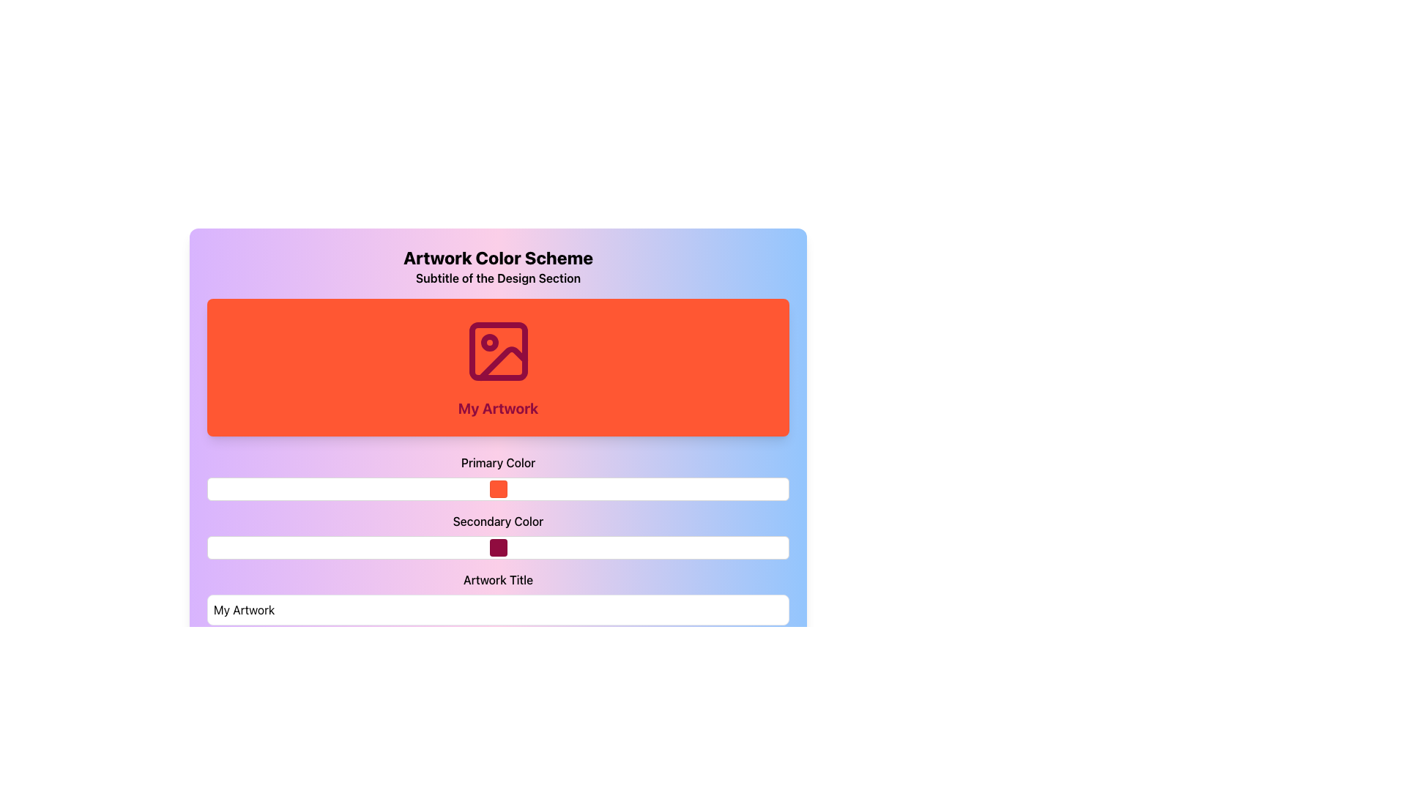 The height and width of the screenshot is (791, 1406). What do you see at coordinates (498, 266) in the screenshot?
I see `the text block that contains 'Artwork Color Scheme' and 'Subtitle of the Design Section', which is styled with a gradient background of purple and blue, located above the red rectangular region labeled 'My Artwork'` at bounding box center [498, 266].